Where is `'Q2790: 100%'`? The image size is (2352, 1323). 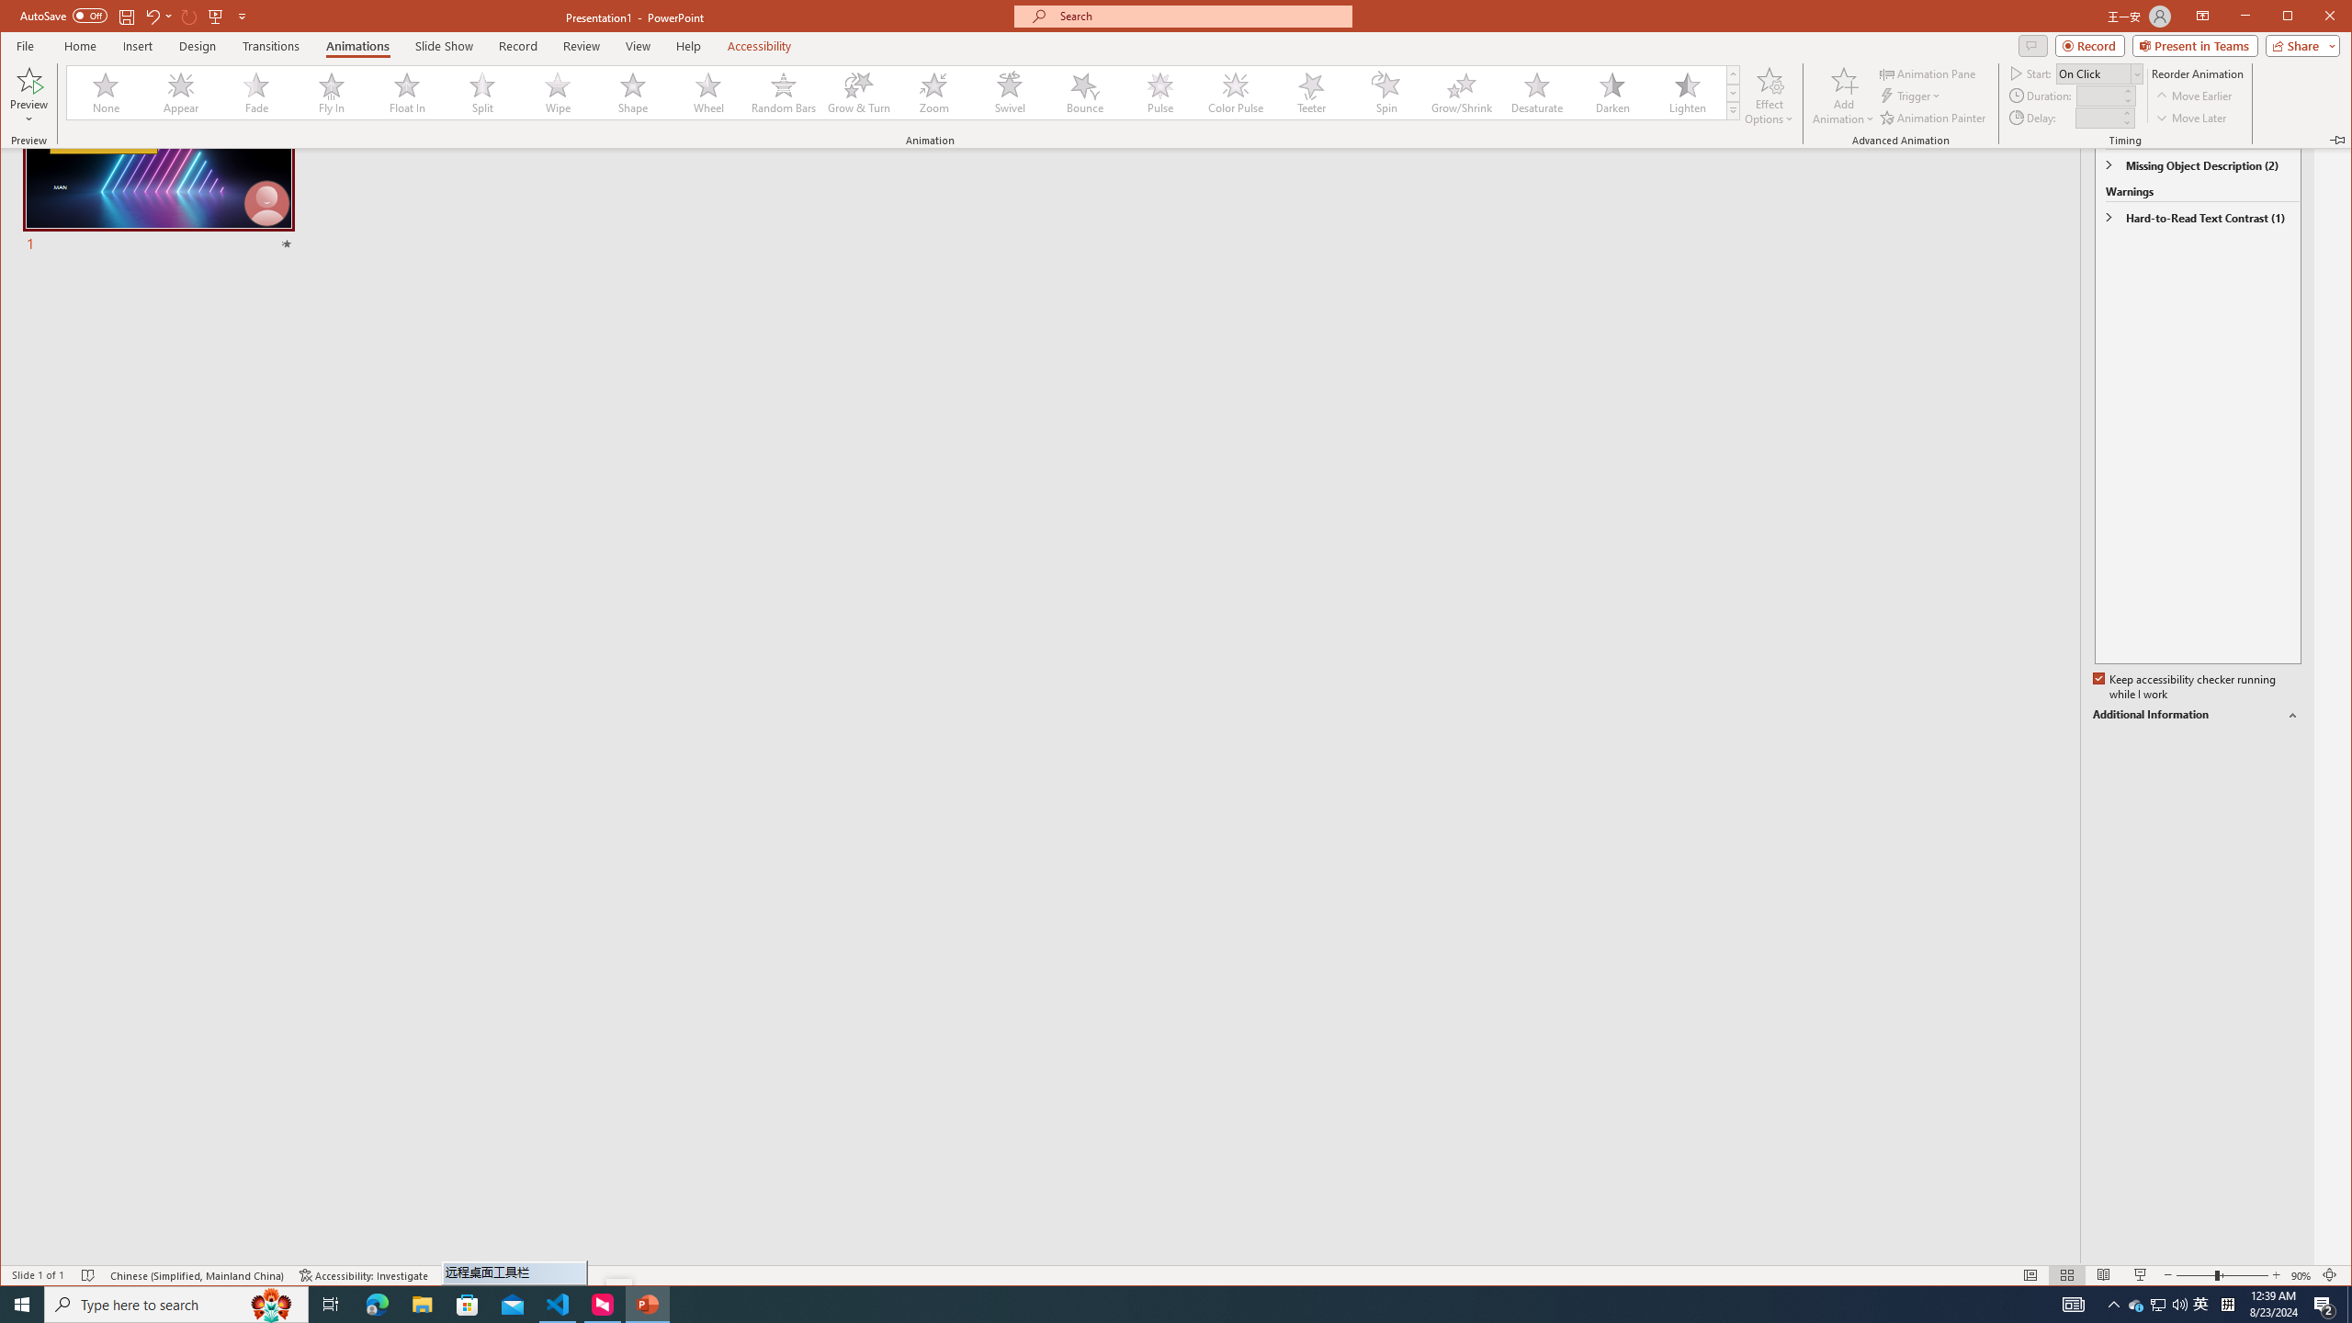
'Q2790: 100%' is located at coordinates (2179, 1303).